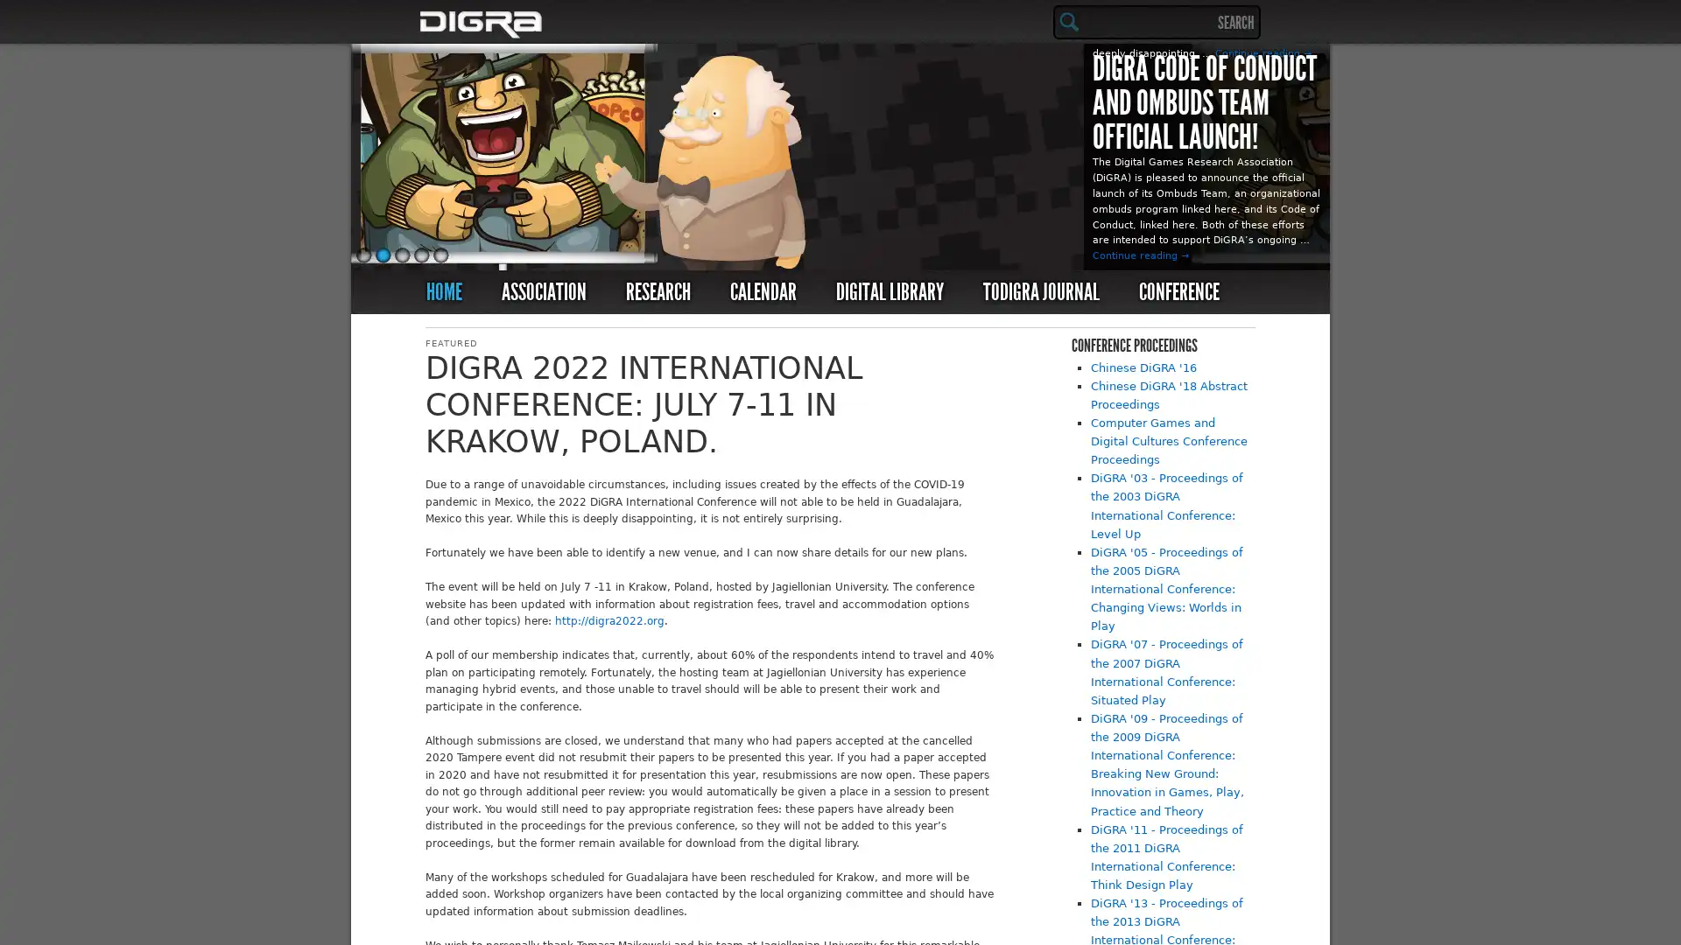 Image resolution: width=1681 pixels, height=945 pixels. Describe the element at coordinates (1068, 22) in the screenshot. I see `Search` at that location.